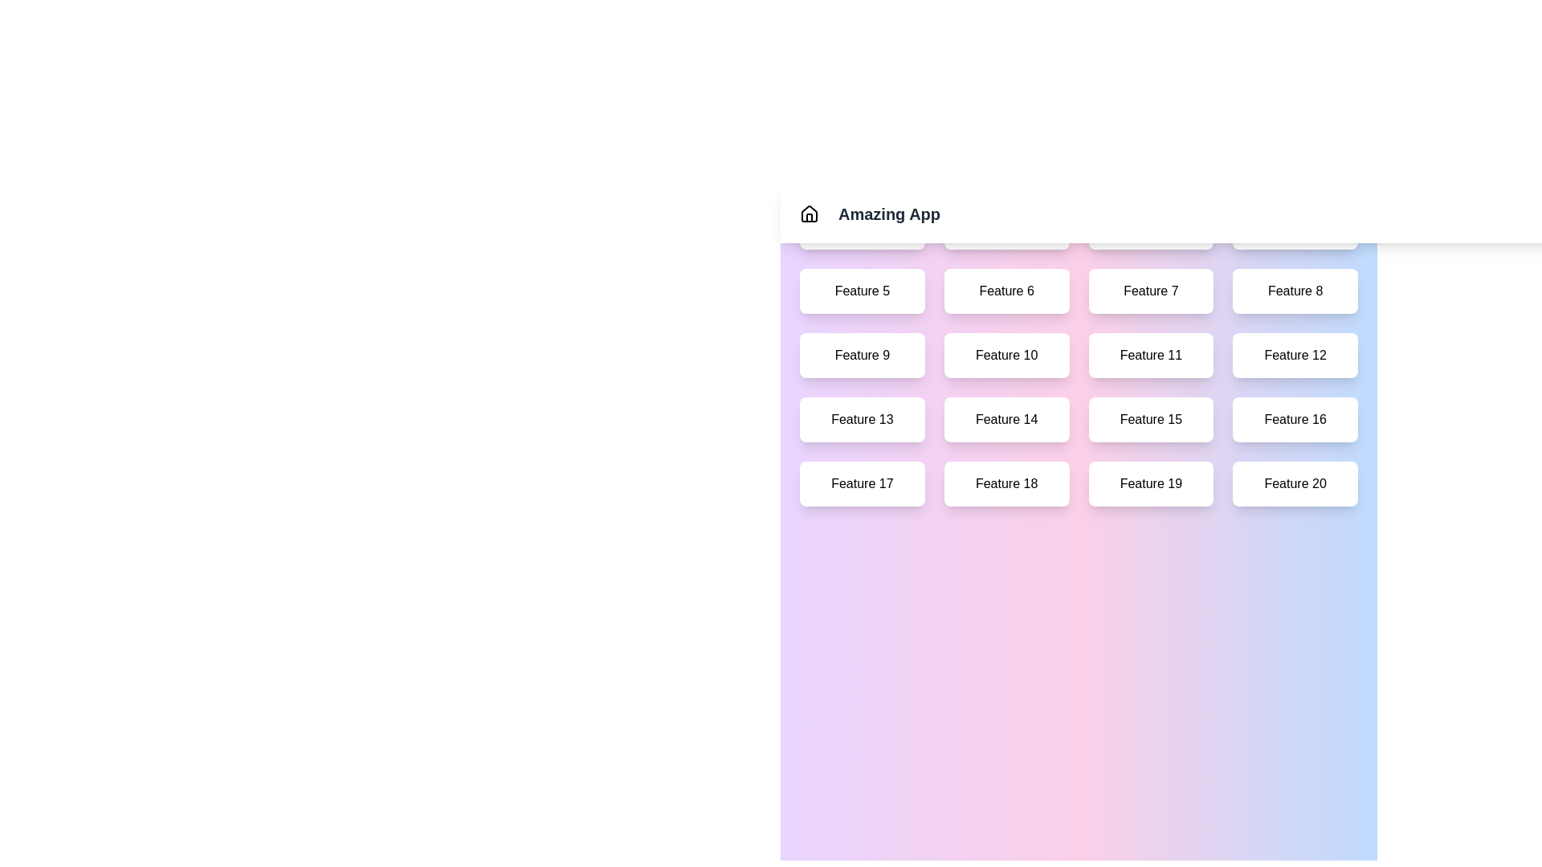  Describe the element at coordinates (810, 213) in the screenshot. I see `the home button to toggle the visibility of the navigation menu` at that location.